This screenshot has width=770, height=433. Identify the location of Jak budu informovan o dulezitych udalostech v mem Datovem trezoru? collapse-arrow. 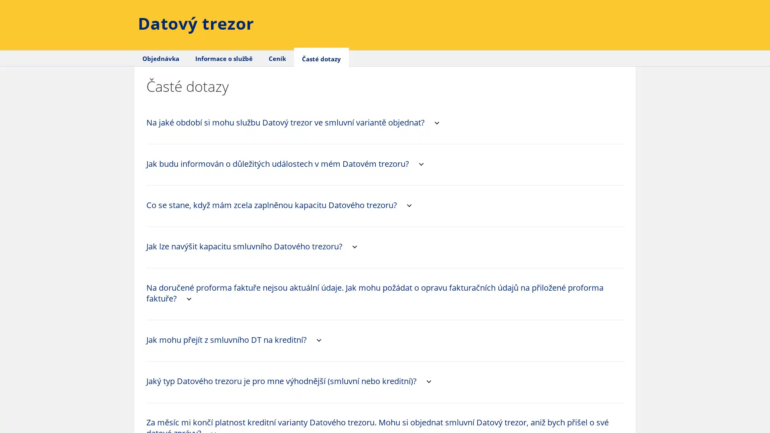
(285, 163).